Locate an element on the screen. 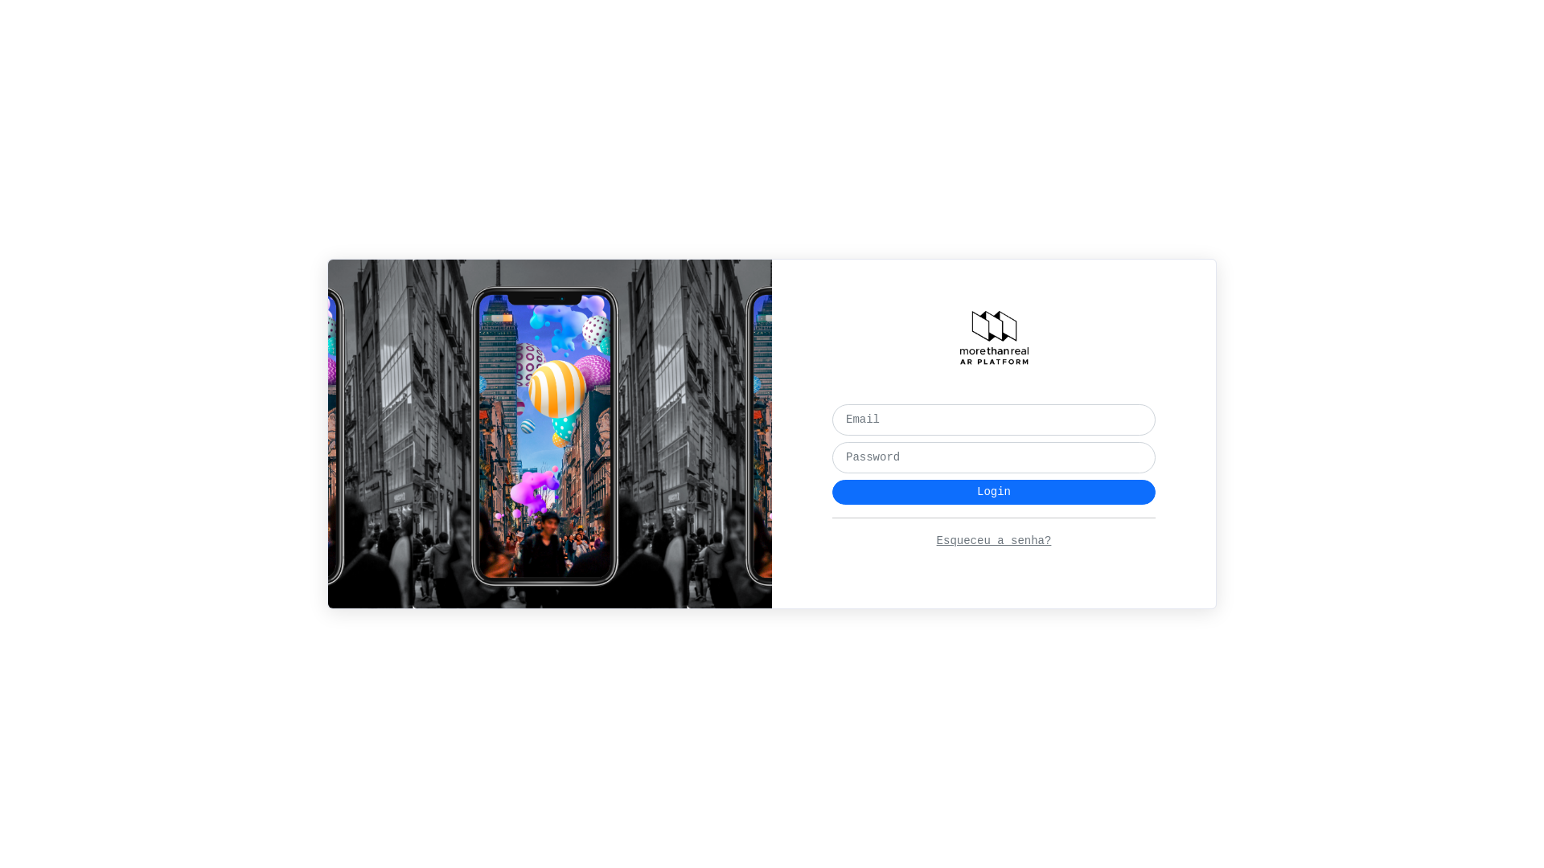  'Login' is located at coordinates (993, 491).